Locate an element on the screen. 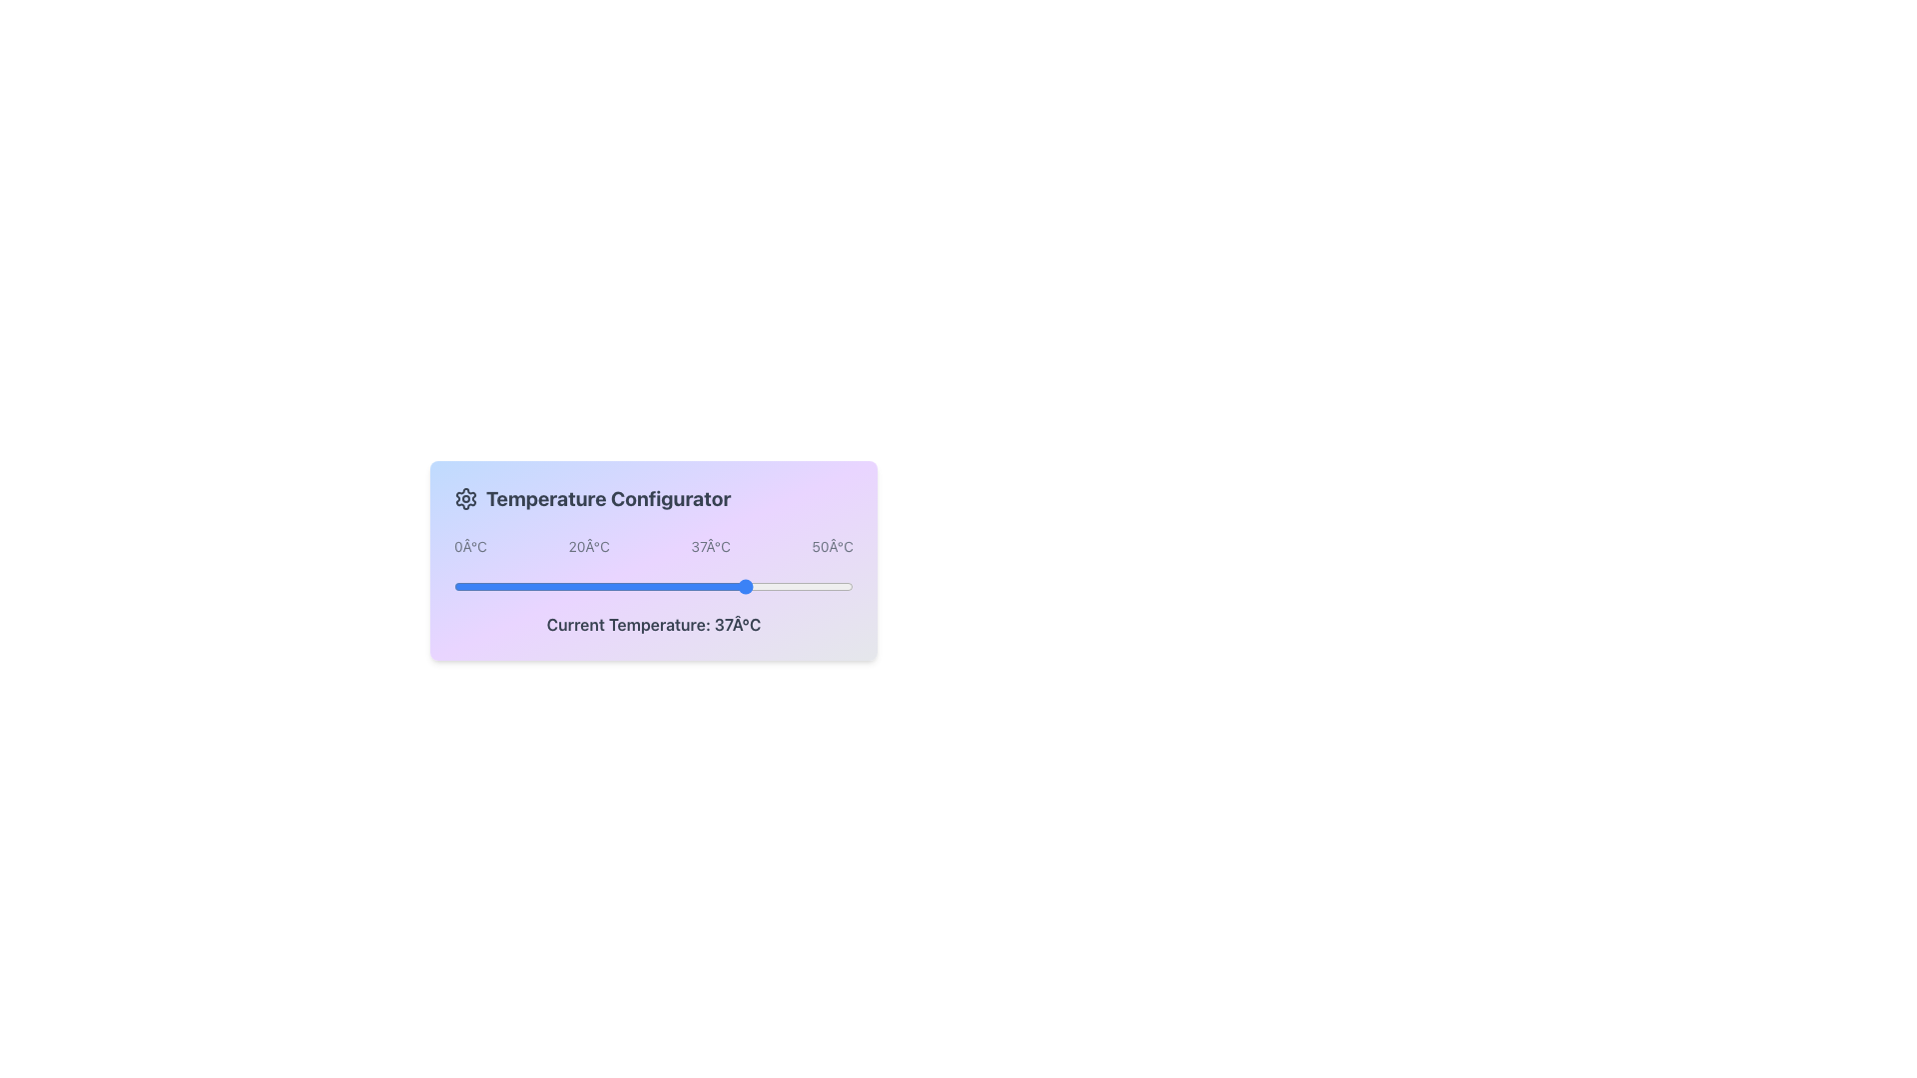  the temperature is located at coordinates (502, 585).